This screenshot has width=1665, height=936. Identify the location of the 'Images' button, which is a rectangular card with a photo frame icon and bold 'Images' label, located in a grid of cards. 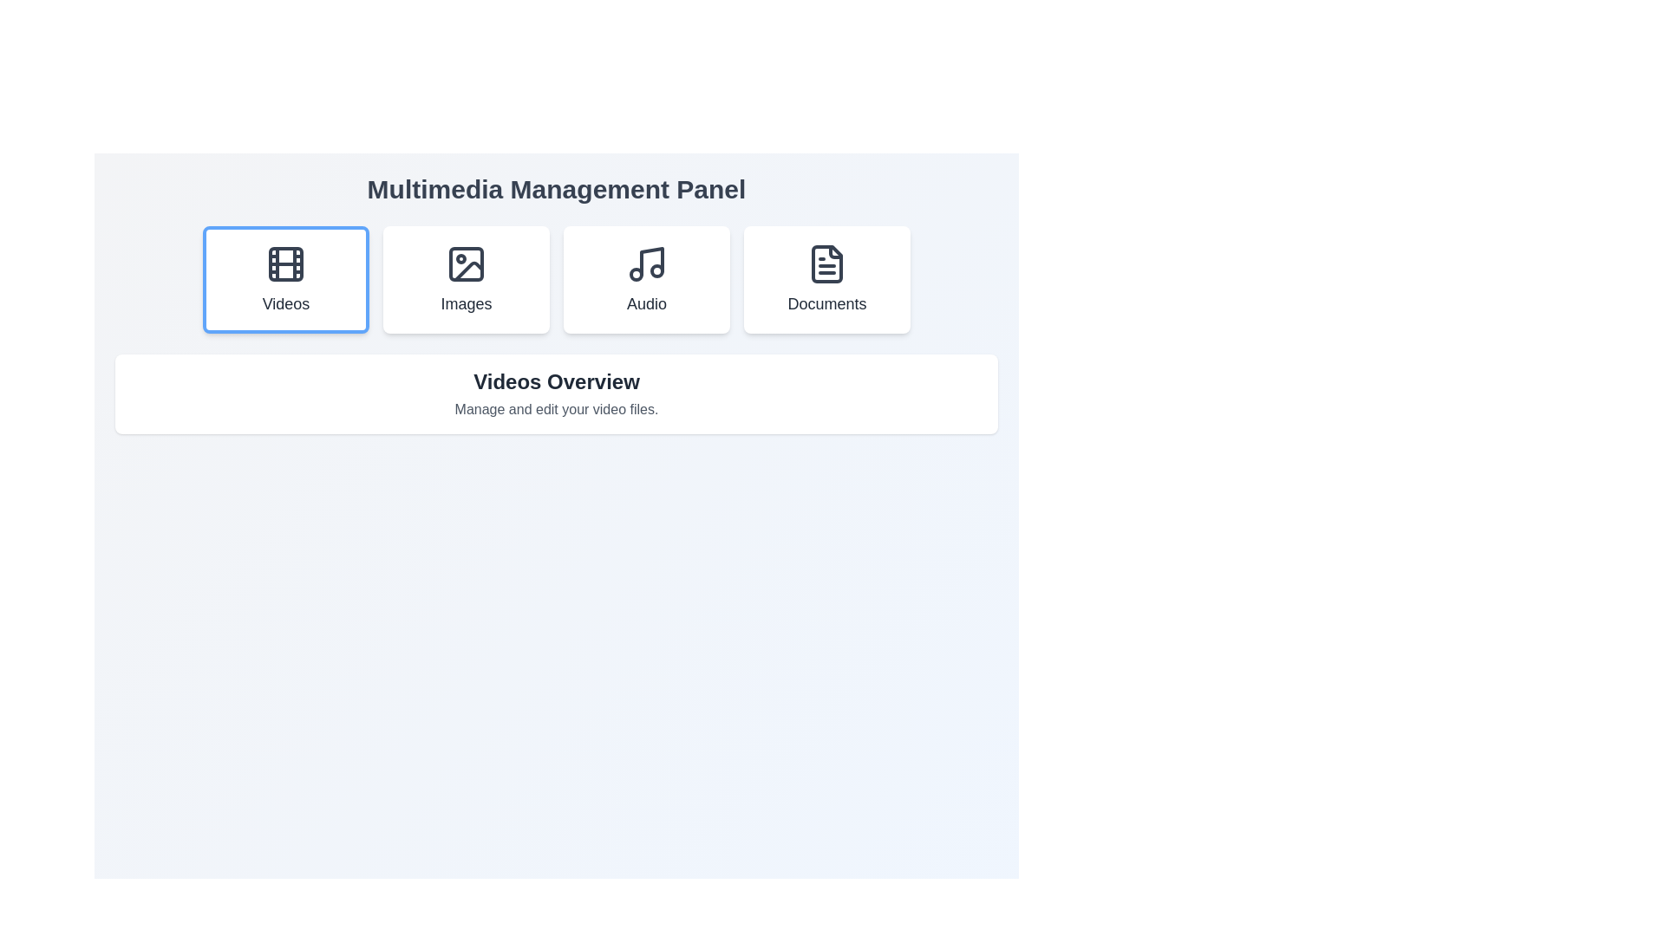
(466, 279).